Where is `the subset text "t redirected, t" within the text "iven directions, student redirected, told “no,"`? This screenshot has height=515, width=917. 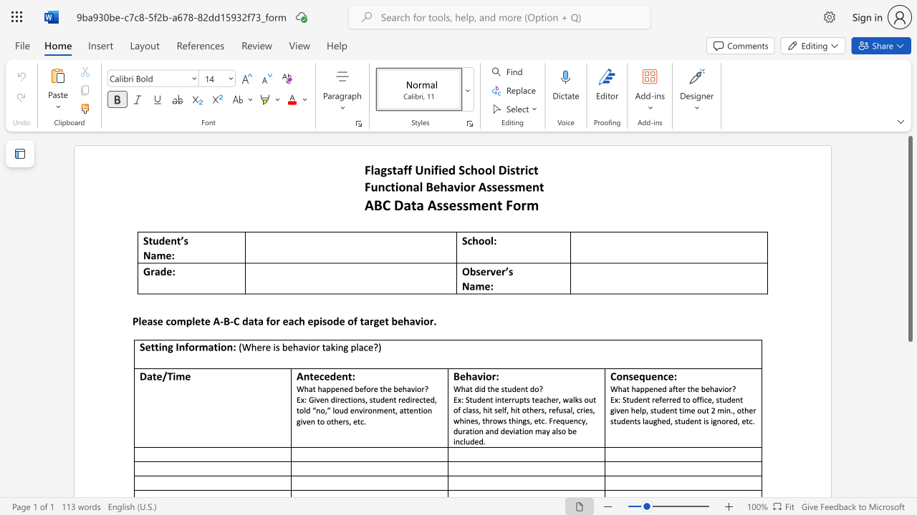 the subset text "t redirected, t" within the text "iven directions, student redirected, told “no," is located at coordinates (393, 399).